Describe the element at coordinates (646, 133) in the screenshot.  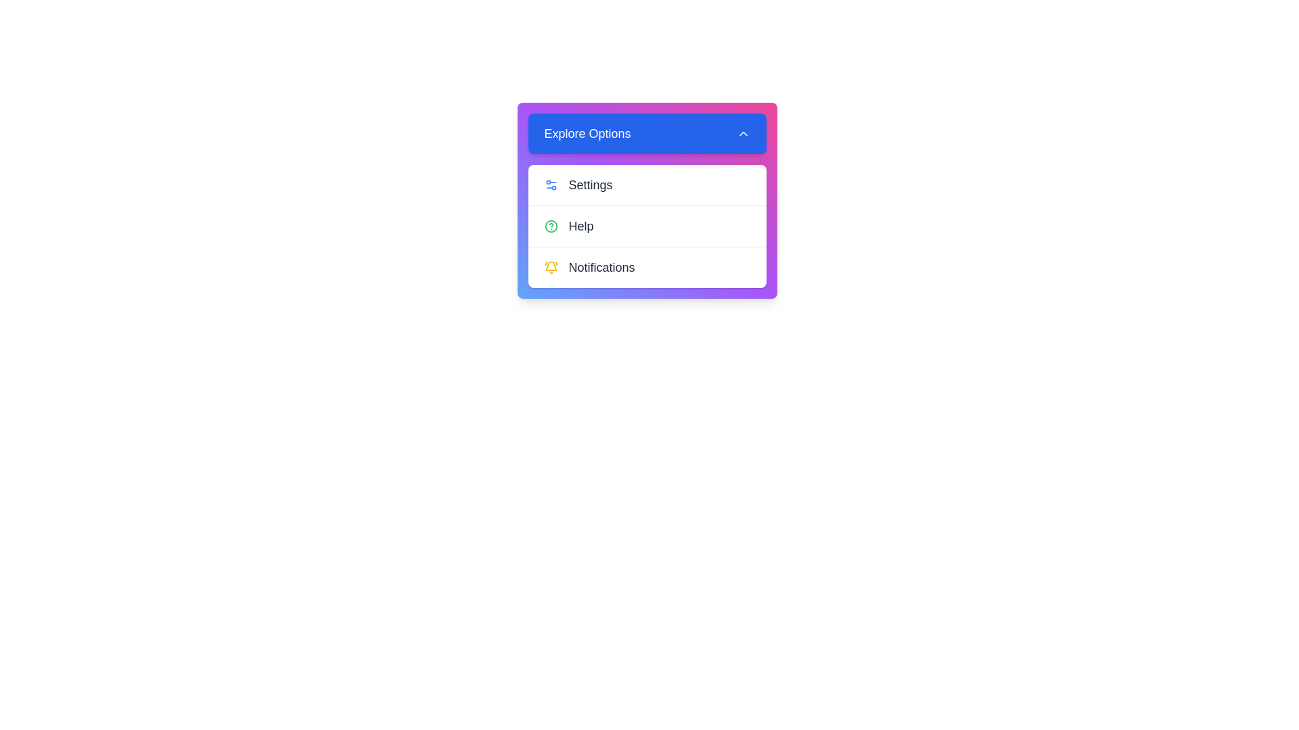
I see `the 'Explore Options' text` at that location.